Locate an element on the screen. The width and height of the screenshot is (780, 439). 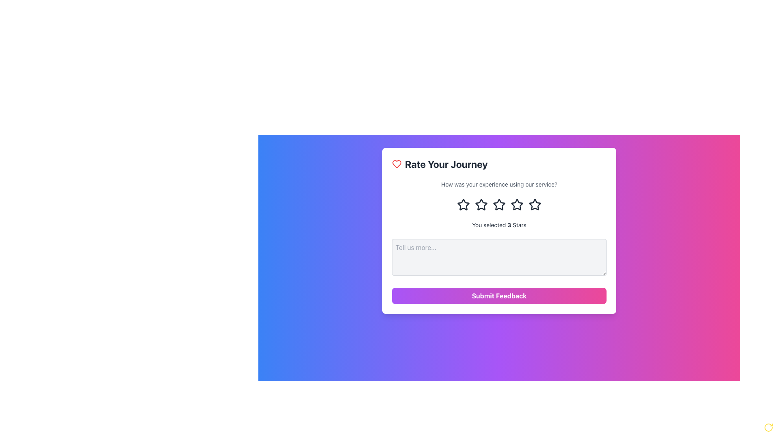
the red heart icon located in the top-left corner of the 'Rate Your Journey' card, which serves as a decorative element adjacent to the title text is located at coordinates (397, 164).